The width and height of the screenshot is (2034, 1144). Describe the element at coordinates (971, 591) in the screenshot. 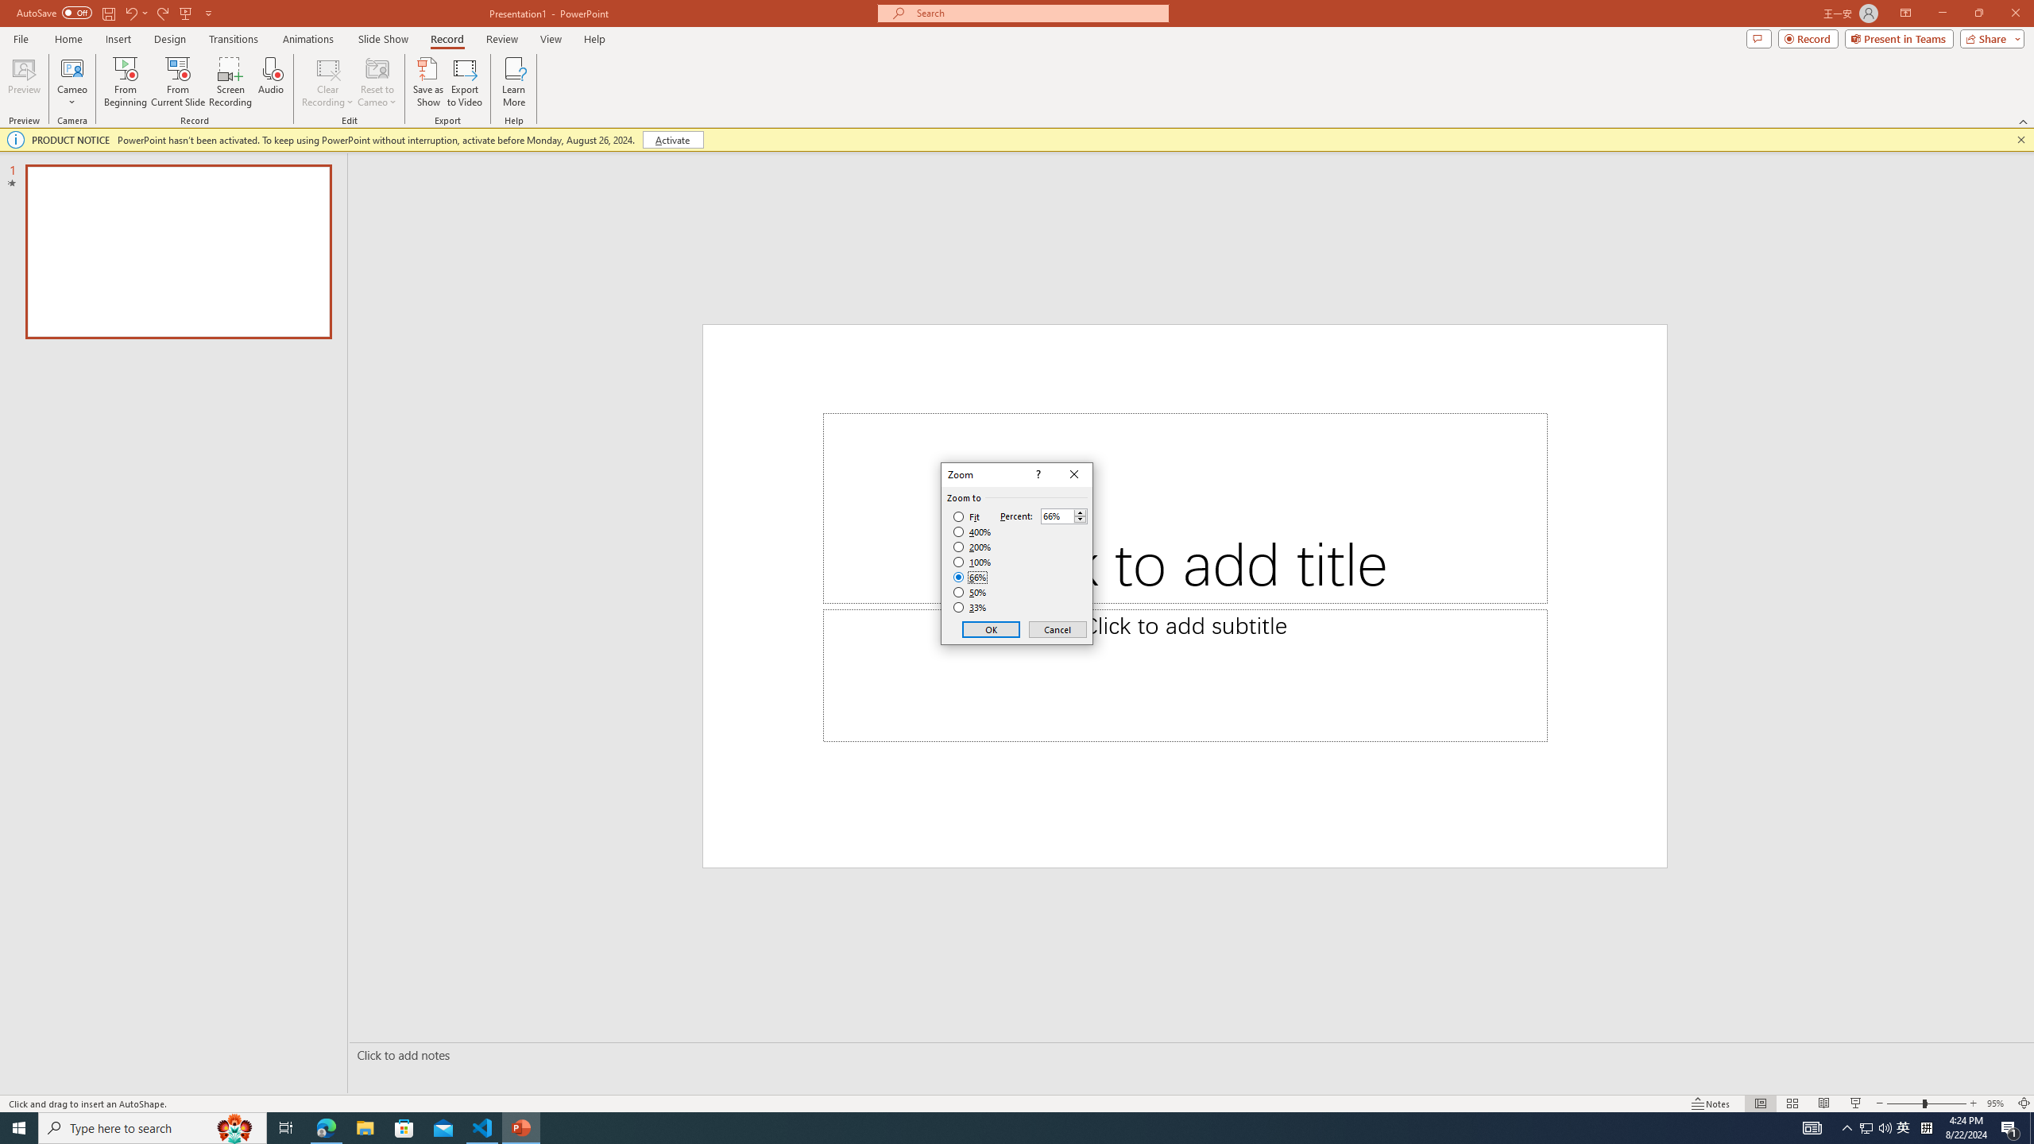

I see `'50%'` at that location.